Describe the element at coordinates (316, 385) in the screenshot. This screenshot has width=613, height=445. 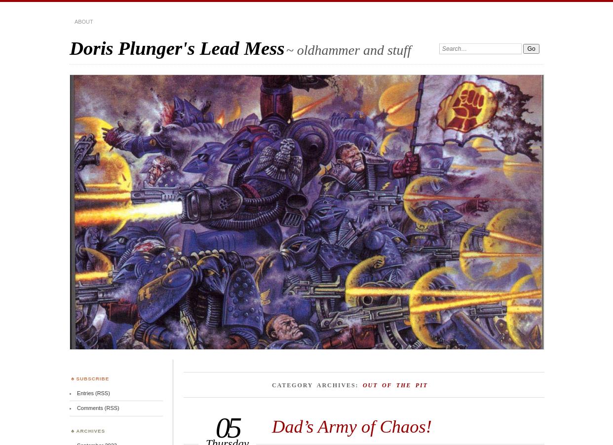
I see `'Category Archives:'` at that location.